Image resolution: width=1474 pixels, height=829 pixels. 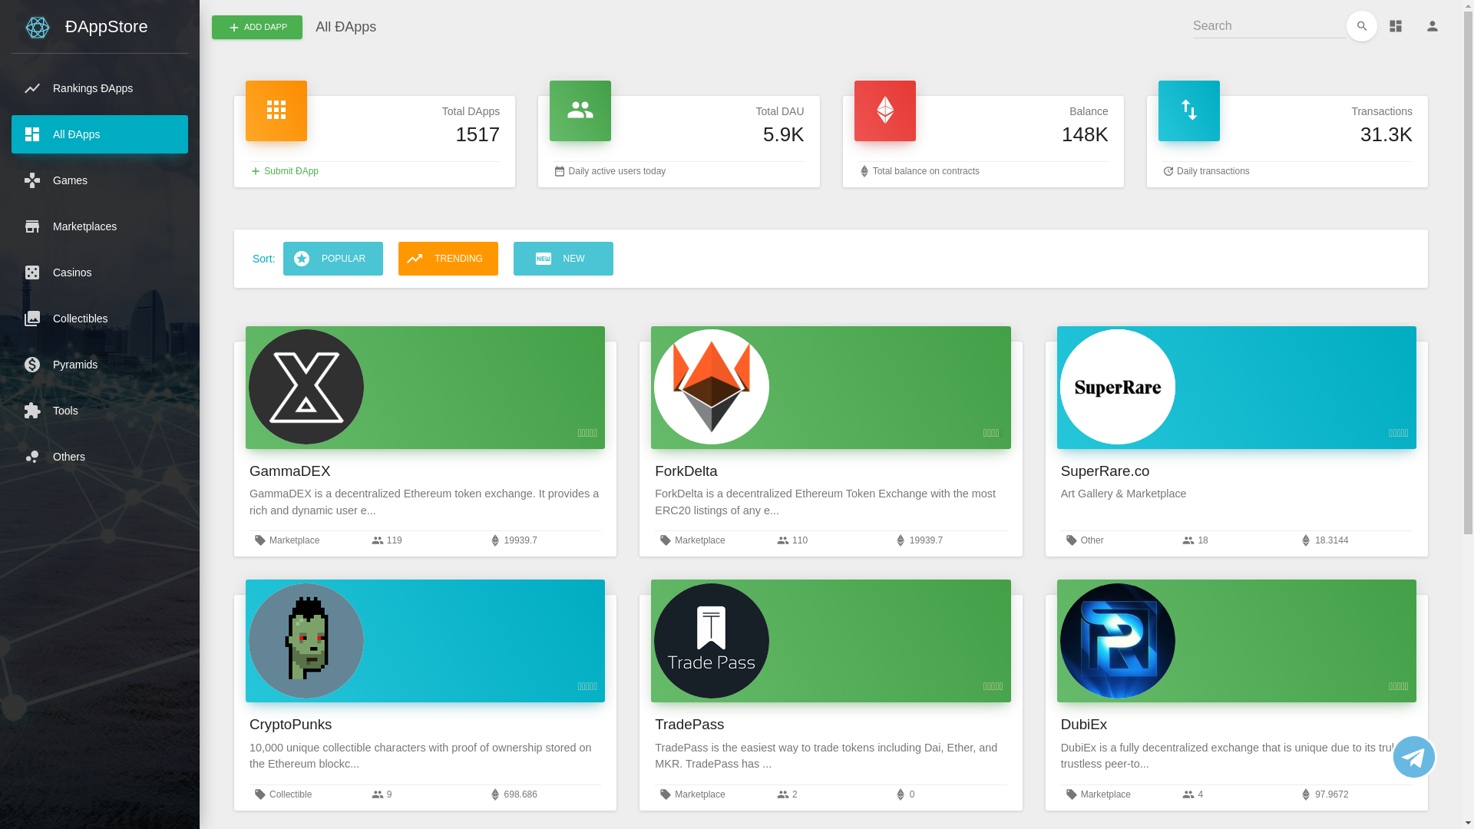 I want to click on 'POPULAR', so click(x=332, y=257).